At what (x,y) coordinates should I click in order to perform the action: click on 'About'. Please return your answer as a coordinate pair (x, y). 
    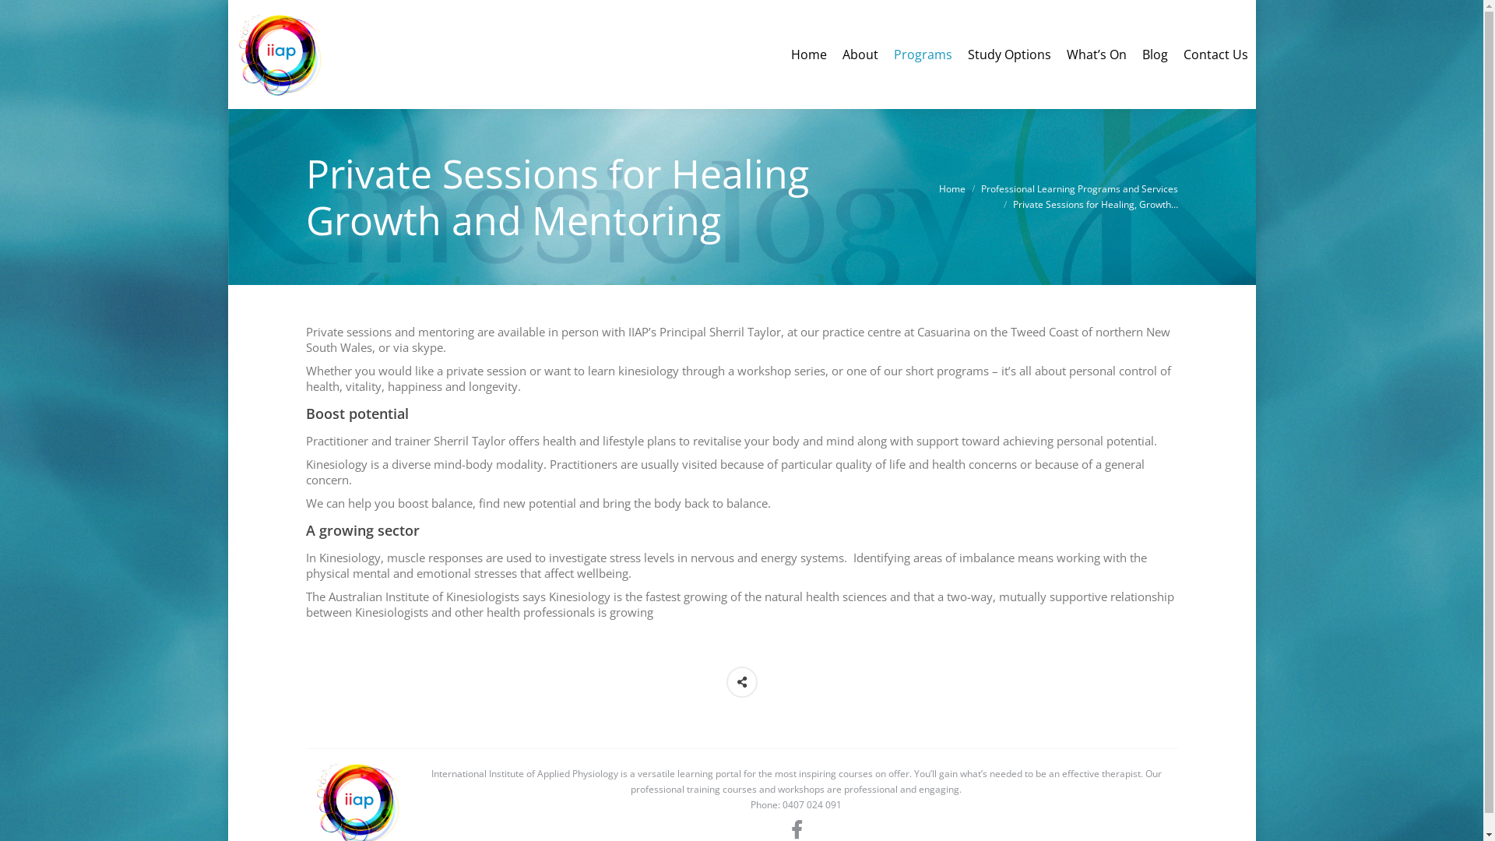
    Looking at the image, I should click on (859, 53).